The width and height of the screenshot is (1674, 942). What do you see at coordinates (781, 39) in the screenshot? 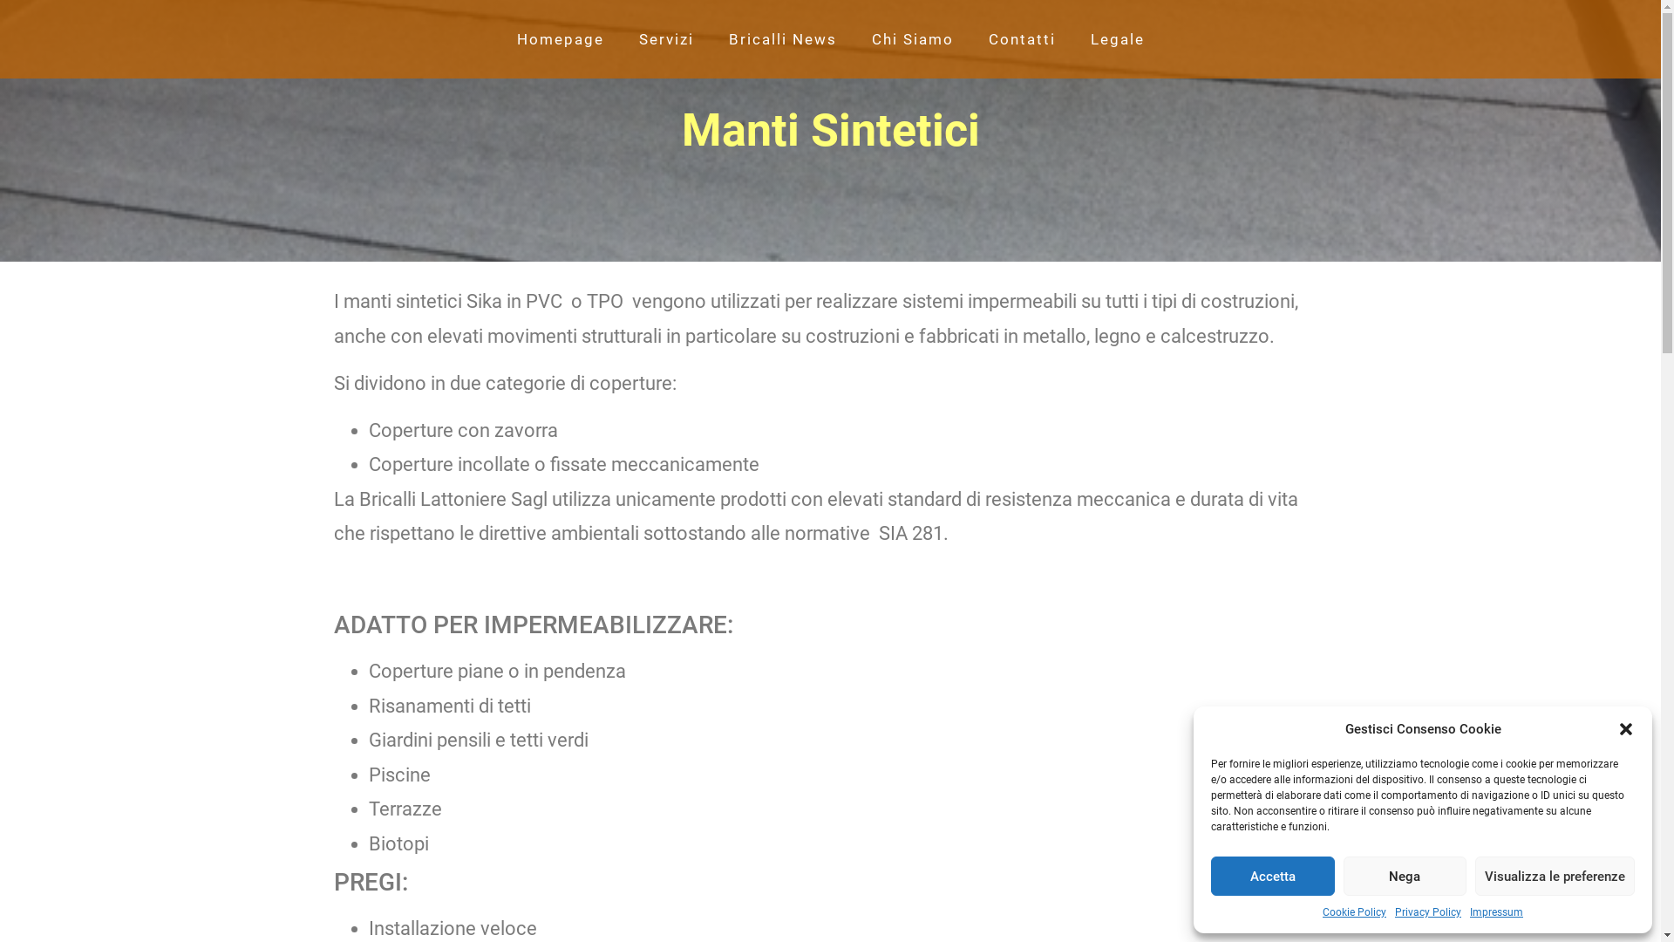
I see `'Bricalli News'` at bounding box center [781, 39].